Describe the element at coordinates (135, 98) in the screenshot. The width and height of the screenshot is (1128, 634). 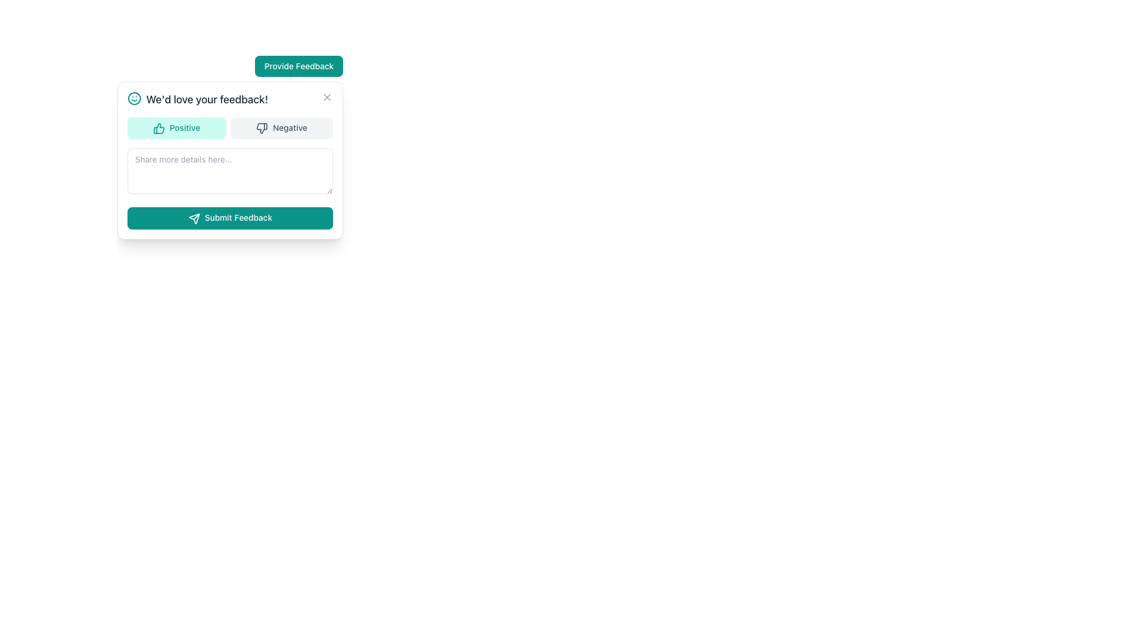
I see `the decorative SVG circle element that is part of the smiley face icon in the upper left corner of the 'We'd love your feedback!' dialog box` at that location.